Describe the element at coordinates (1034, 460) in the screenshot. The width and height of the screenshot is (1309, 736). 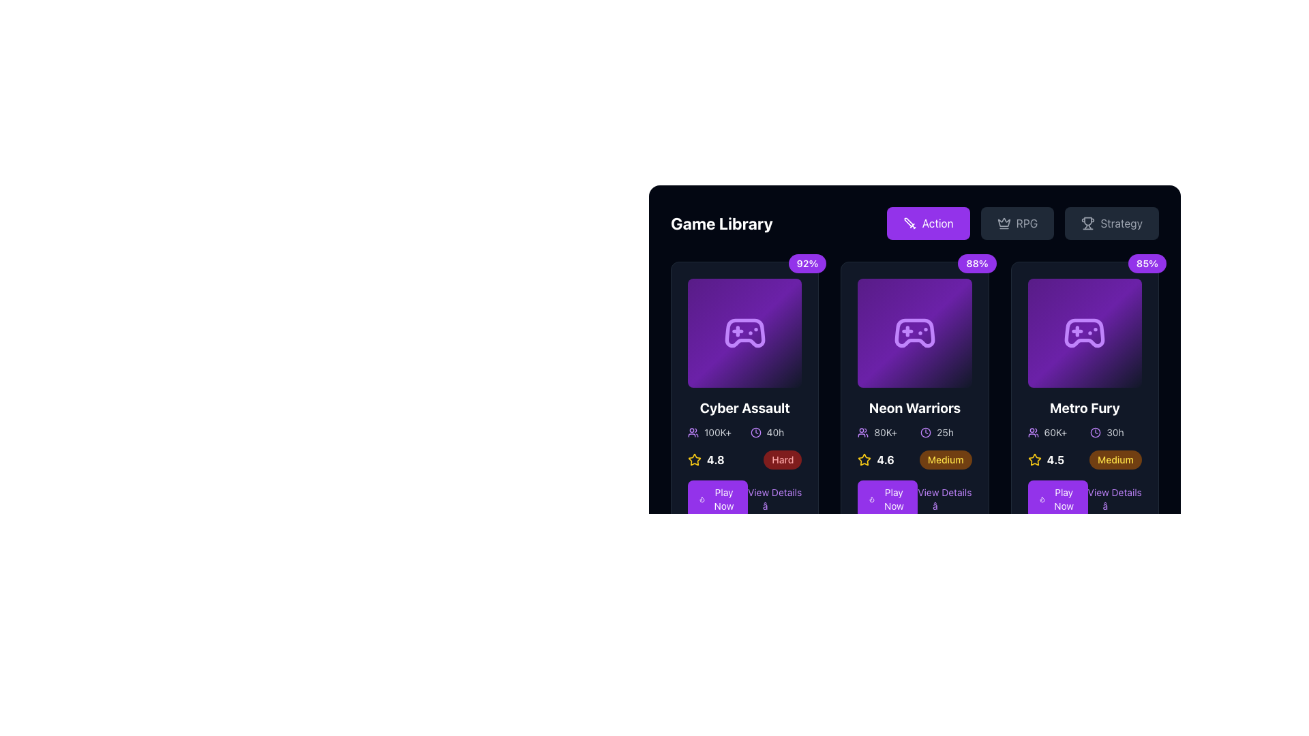
I see `the star icon with a yellow border representing a rating star for the game 'Metro Fury', located to the left of the text '4.5'` at that location.